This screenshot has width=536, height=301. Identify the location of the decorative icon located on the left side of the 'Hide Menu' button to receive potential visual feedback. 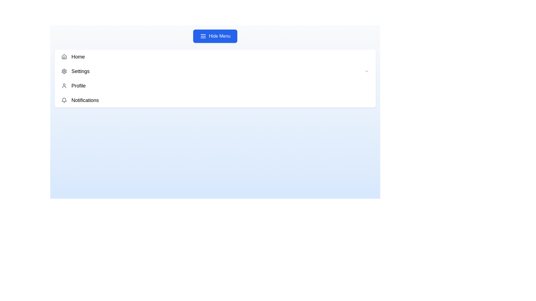
(203, 36).